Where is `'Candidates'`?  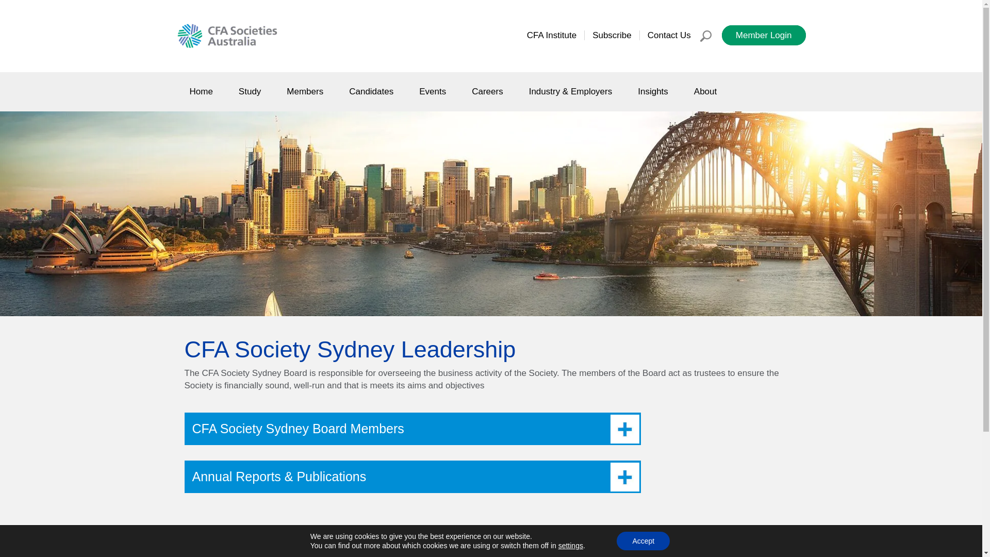 'Candidates' is located at coordinates (336, 91).